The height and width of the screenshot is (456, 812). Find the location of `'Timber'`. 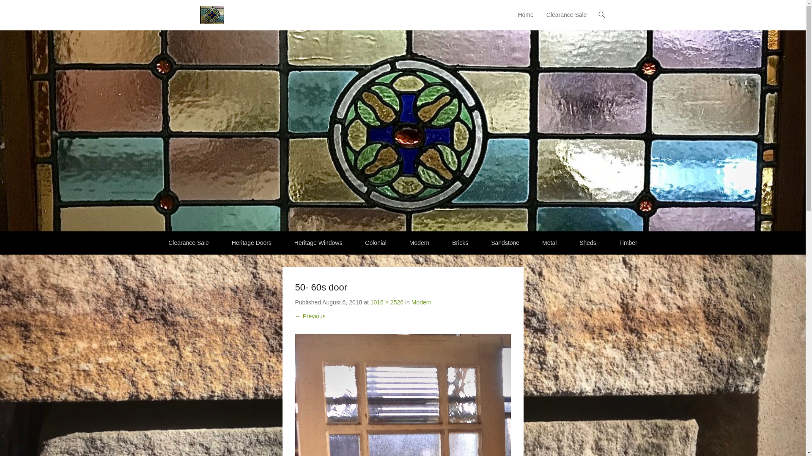

'Timber' is located at coordinates (608, 243).